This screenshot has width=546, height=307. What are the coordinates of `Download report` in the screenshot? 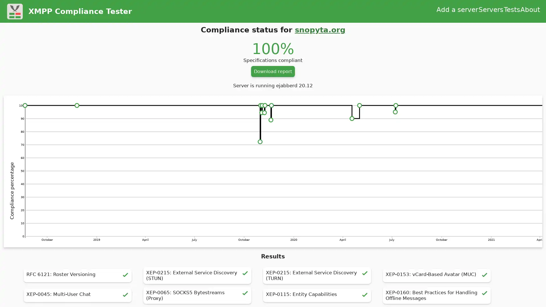 It's located at (273, 71).